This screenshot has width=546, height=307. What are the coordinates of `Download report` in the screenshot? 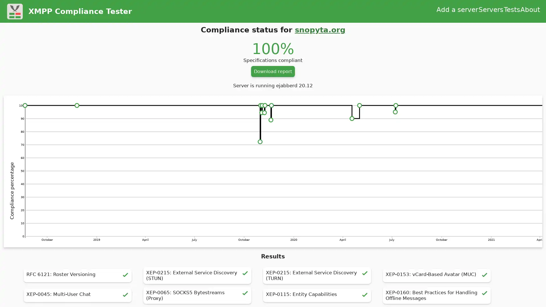 It's located at (273, 71).